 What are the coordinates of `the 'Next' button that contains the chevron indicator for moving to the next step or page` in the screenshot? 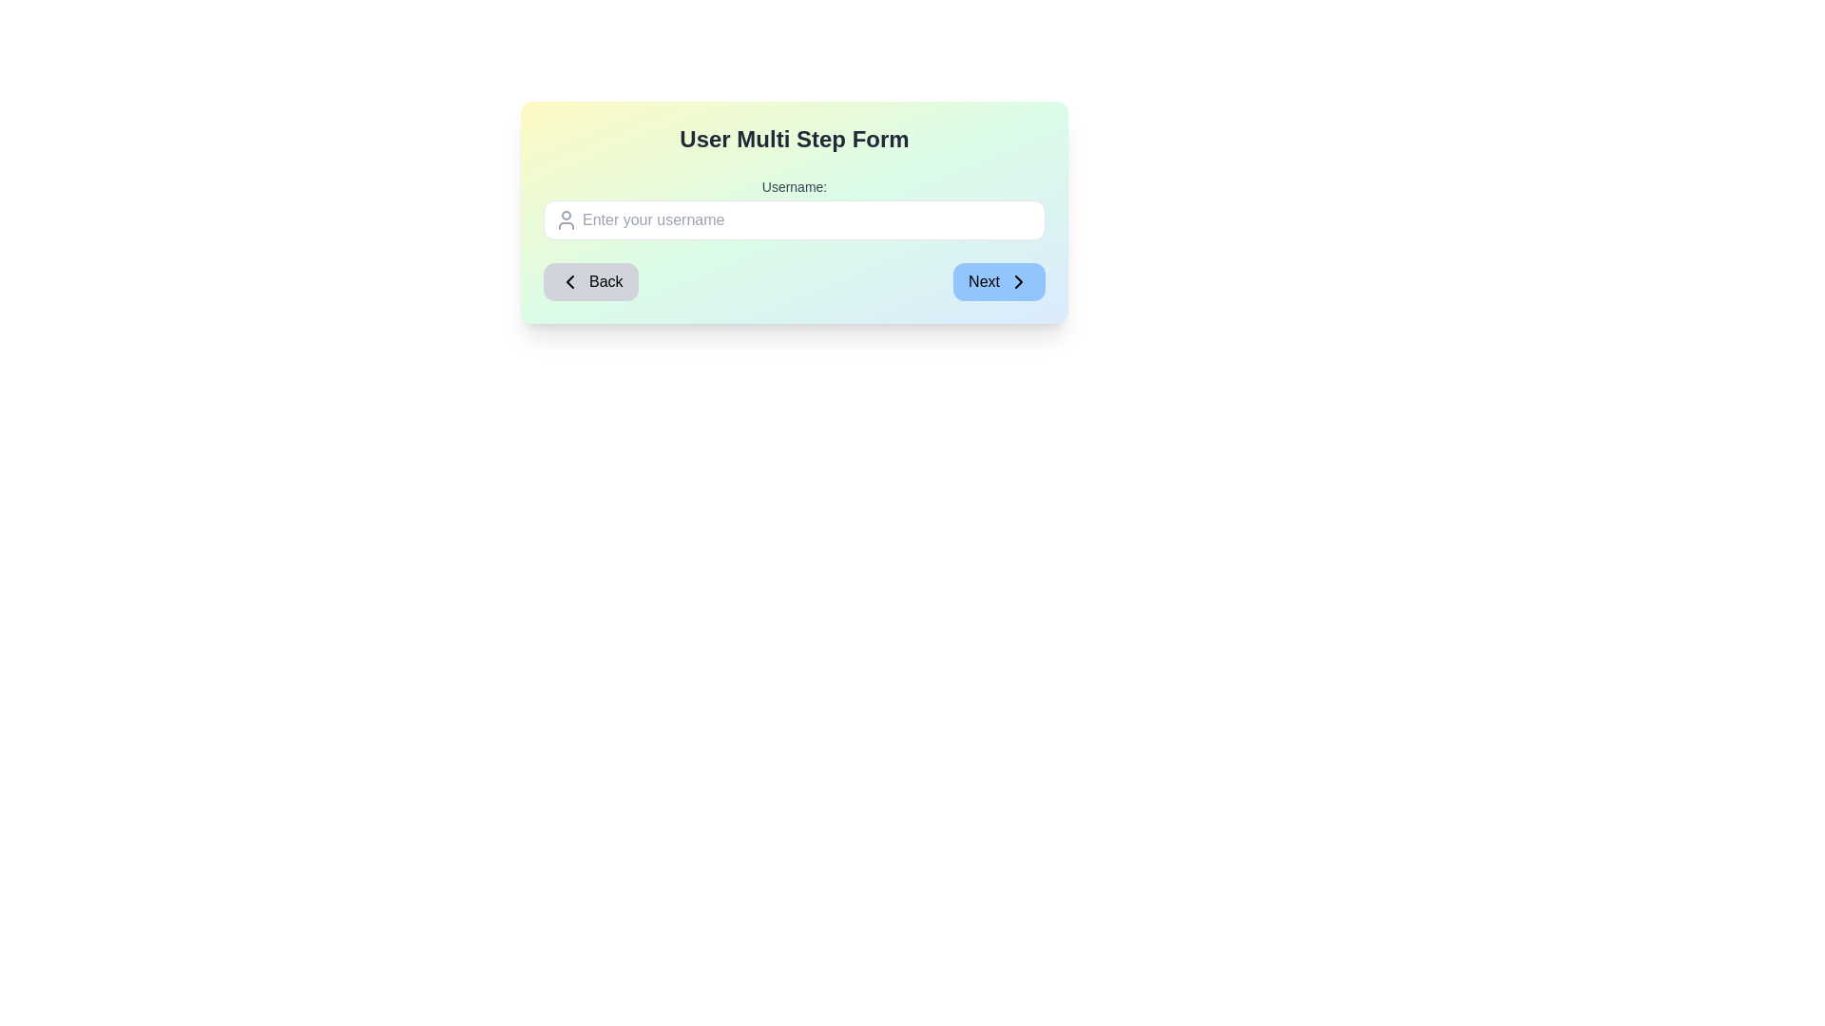 It's located at (1017, 282).